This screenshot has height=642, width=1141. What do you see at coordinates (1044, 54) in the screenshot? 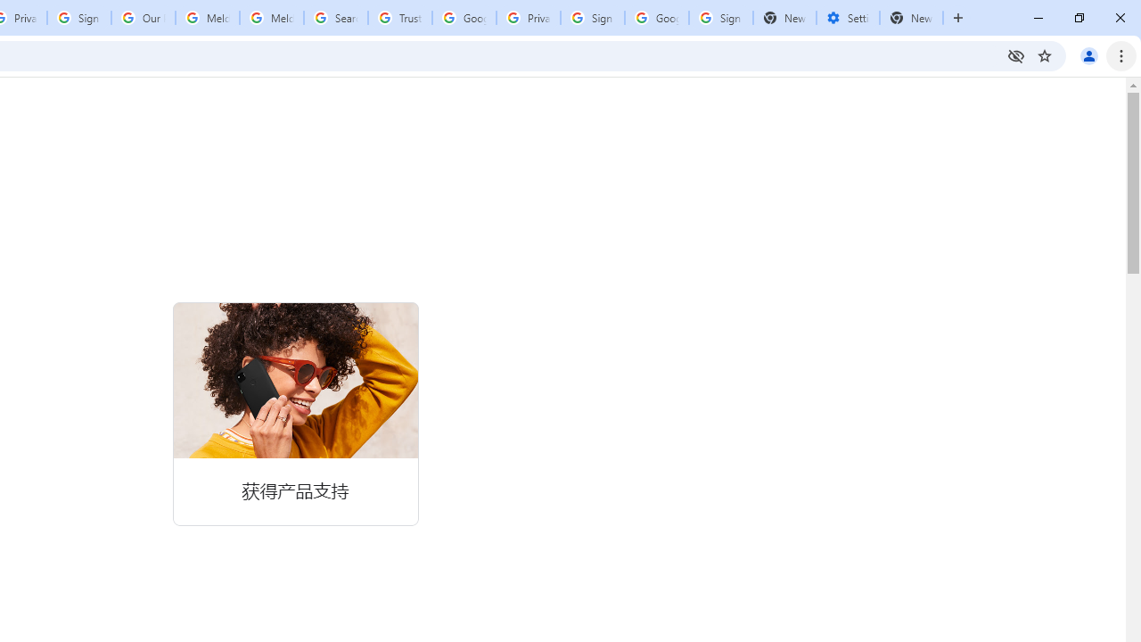
I see `'Bookmark this tab'` at bounding box center [1044, 54].